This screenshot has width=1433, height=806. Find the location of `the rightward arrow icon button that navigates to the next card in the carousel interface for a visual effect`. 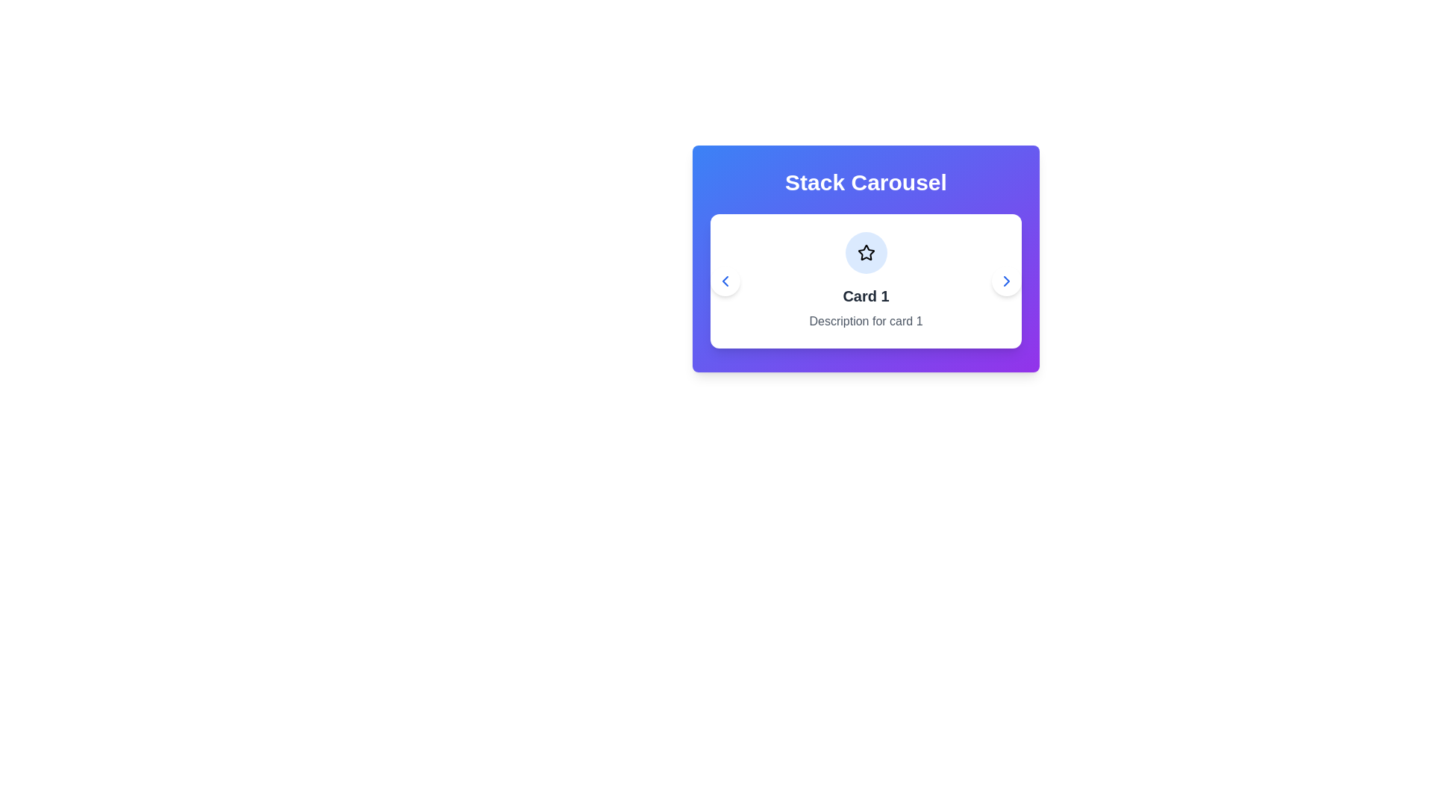

the rightward arrow icon button that navigates to the next card in the carousel interface for a visual effect is located at coordinates (1006, 281).